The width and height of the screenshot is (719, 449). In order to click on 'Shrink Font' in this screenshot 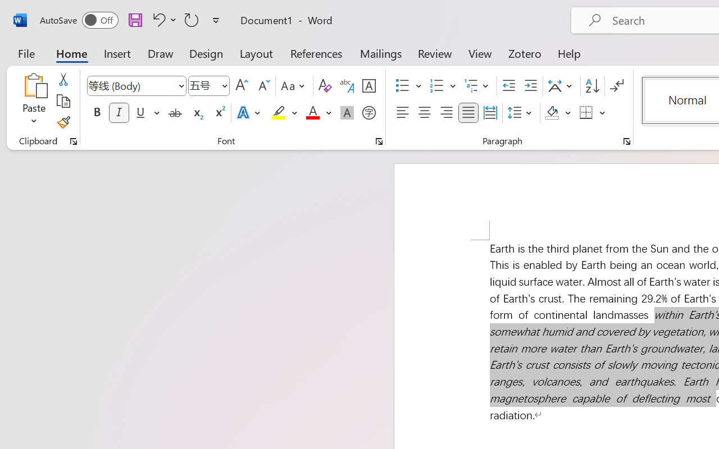, I will do `click(262, 86)`.